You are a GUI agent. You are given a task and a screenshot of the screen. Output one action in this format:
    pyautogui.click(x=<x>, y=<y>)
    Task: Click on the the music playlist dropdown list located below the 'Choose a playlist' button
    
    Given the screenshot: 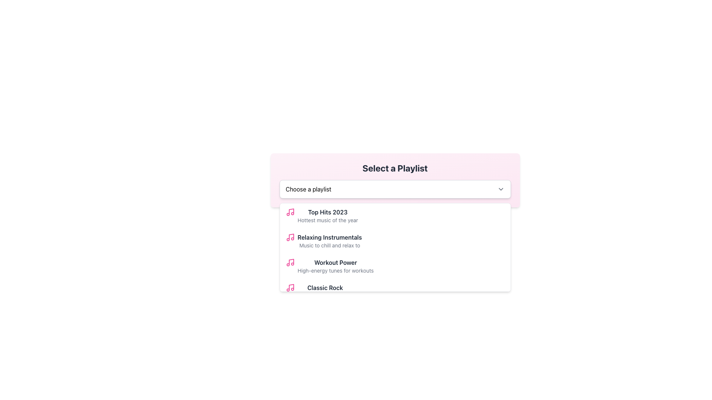 What is the action you would take?
    pyautogui.click(x=395, y=247)
    